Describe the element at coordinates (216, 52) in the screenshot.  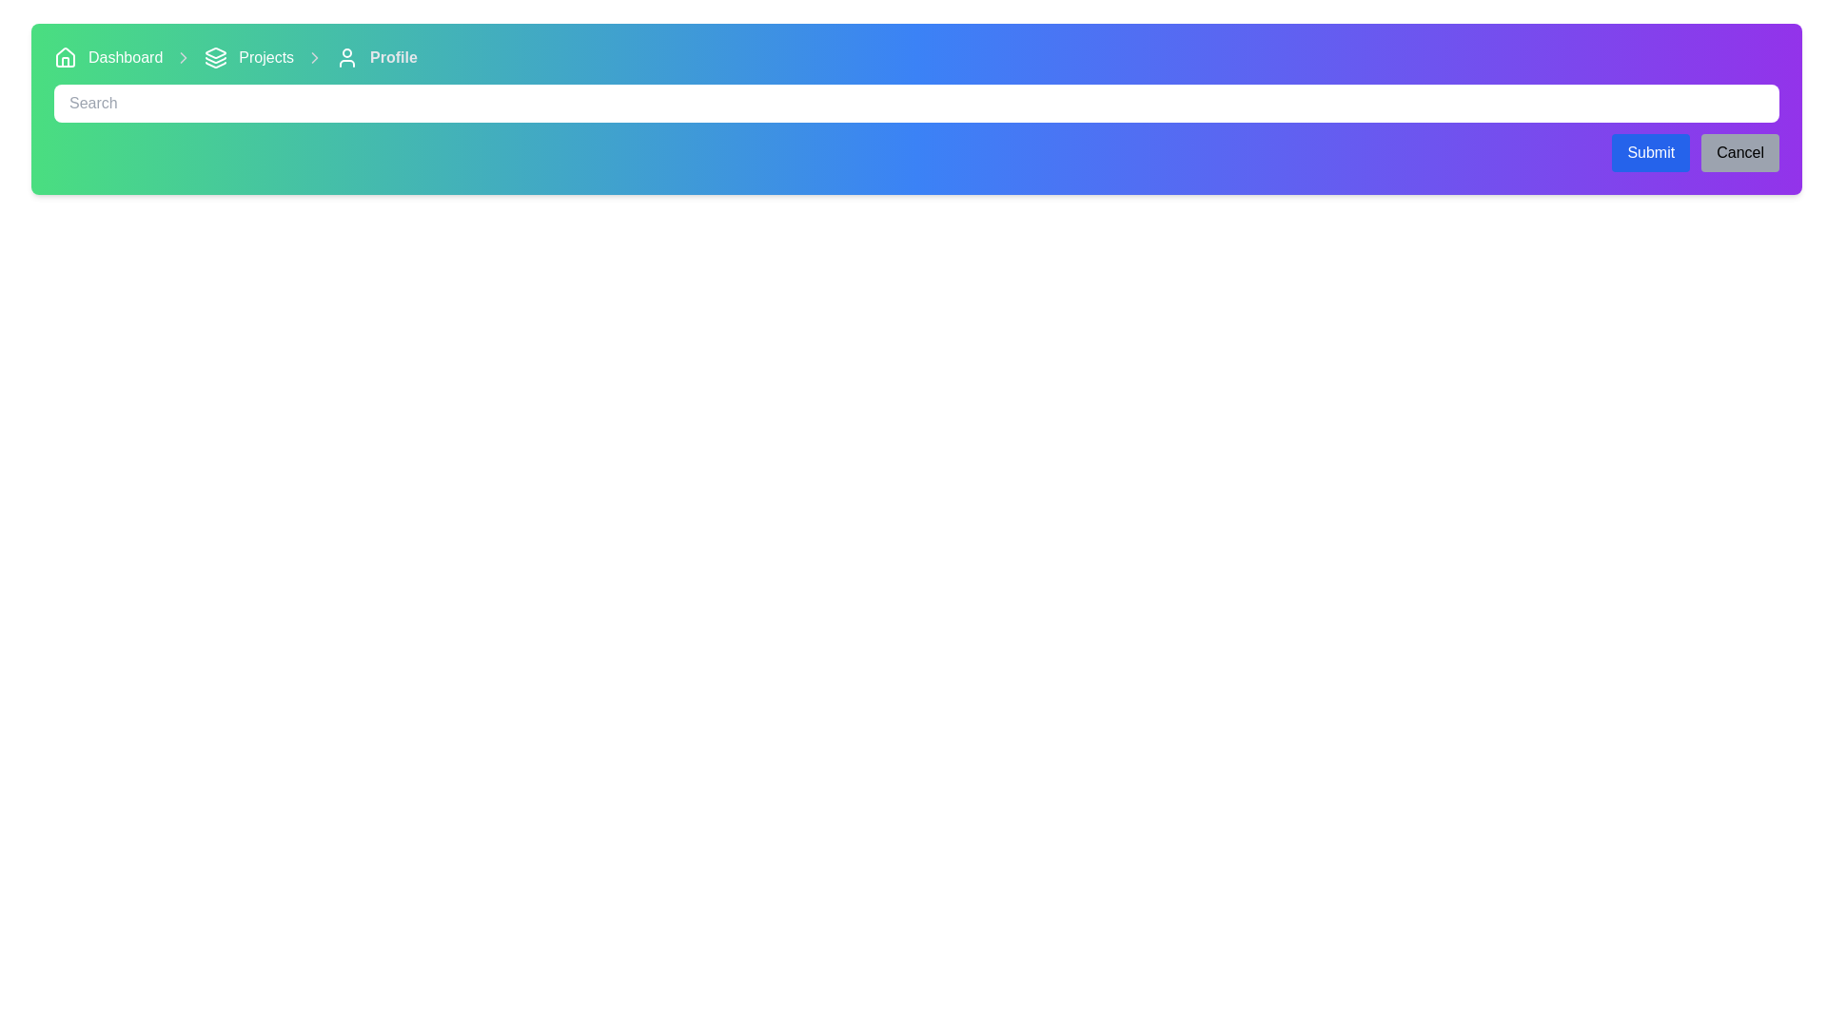
I see `the first stacked layer of the icon representing 'Projects' located in the header between 'Dashboard' and 'Profile'` at that location.